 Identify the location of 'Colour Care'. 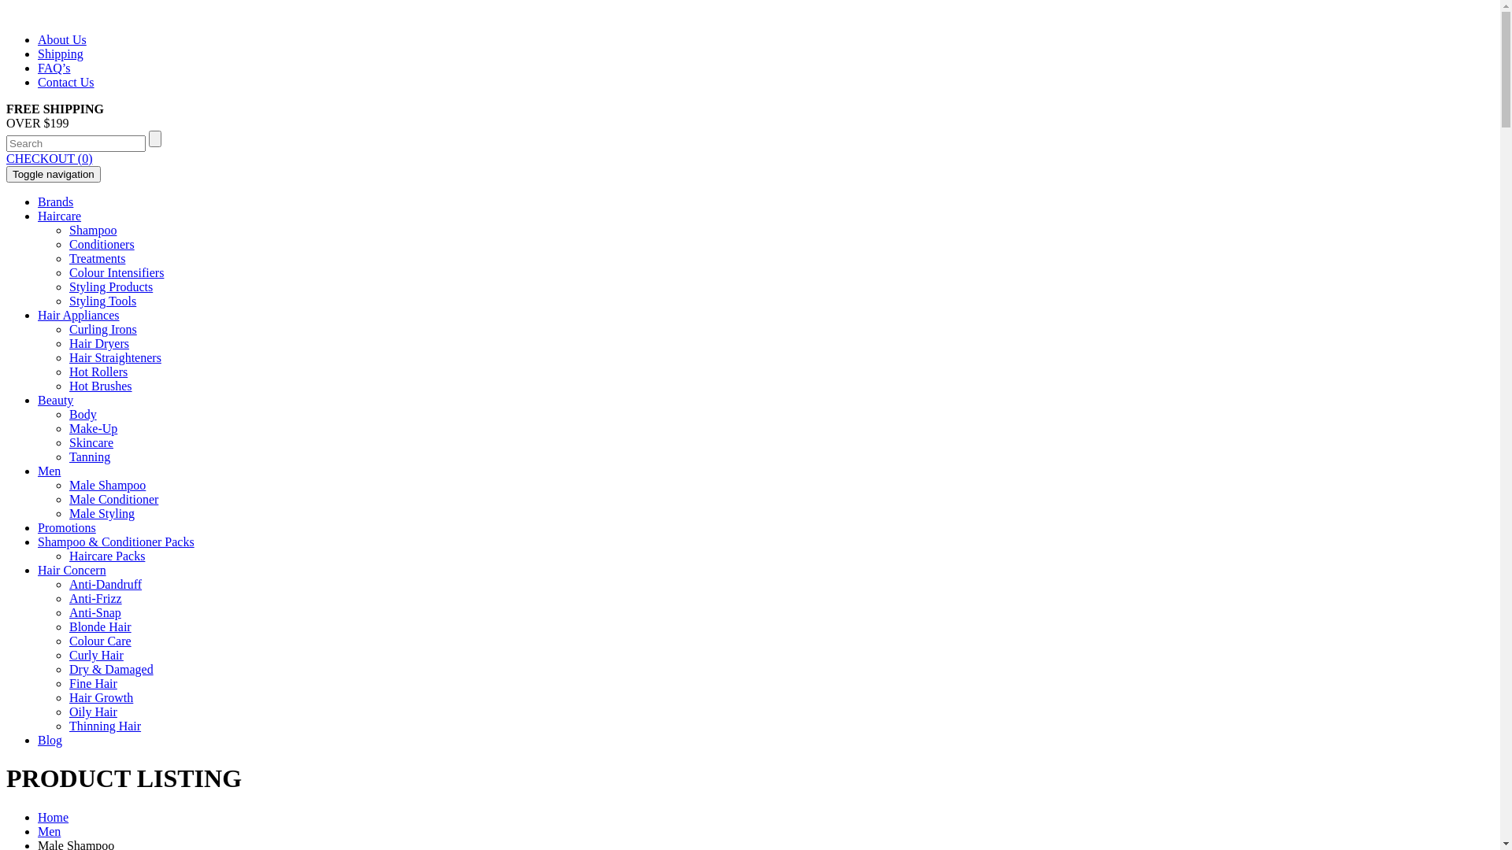
(68, 641).